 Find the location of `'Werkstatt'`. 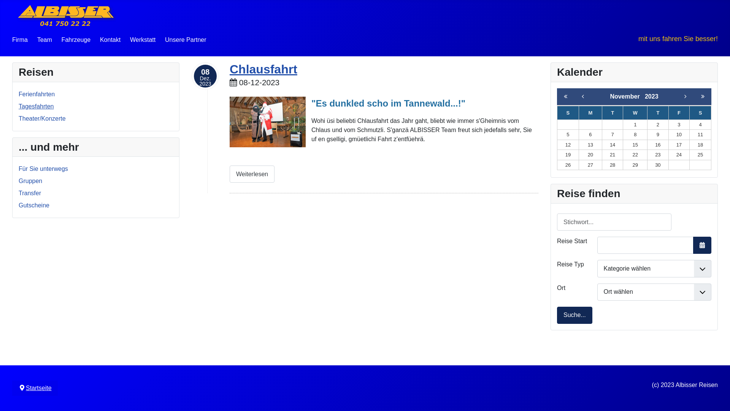

'Werkstatt' is located at coordinates (143, 40).